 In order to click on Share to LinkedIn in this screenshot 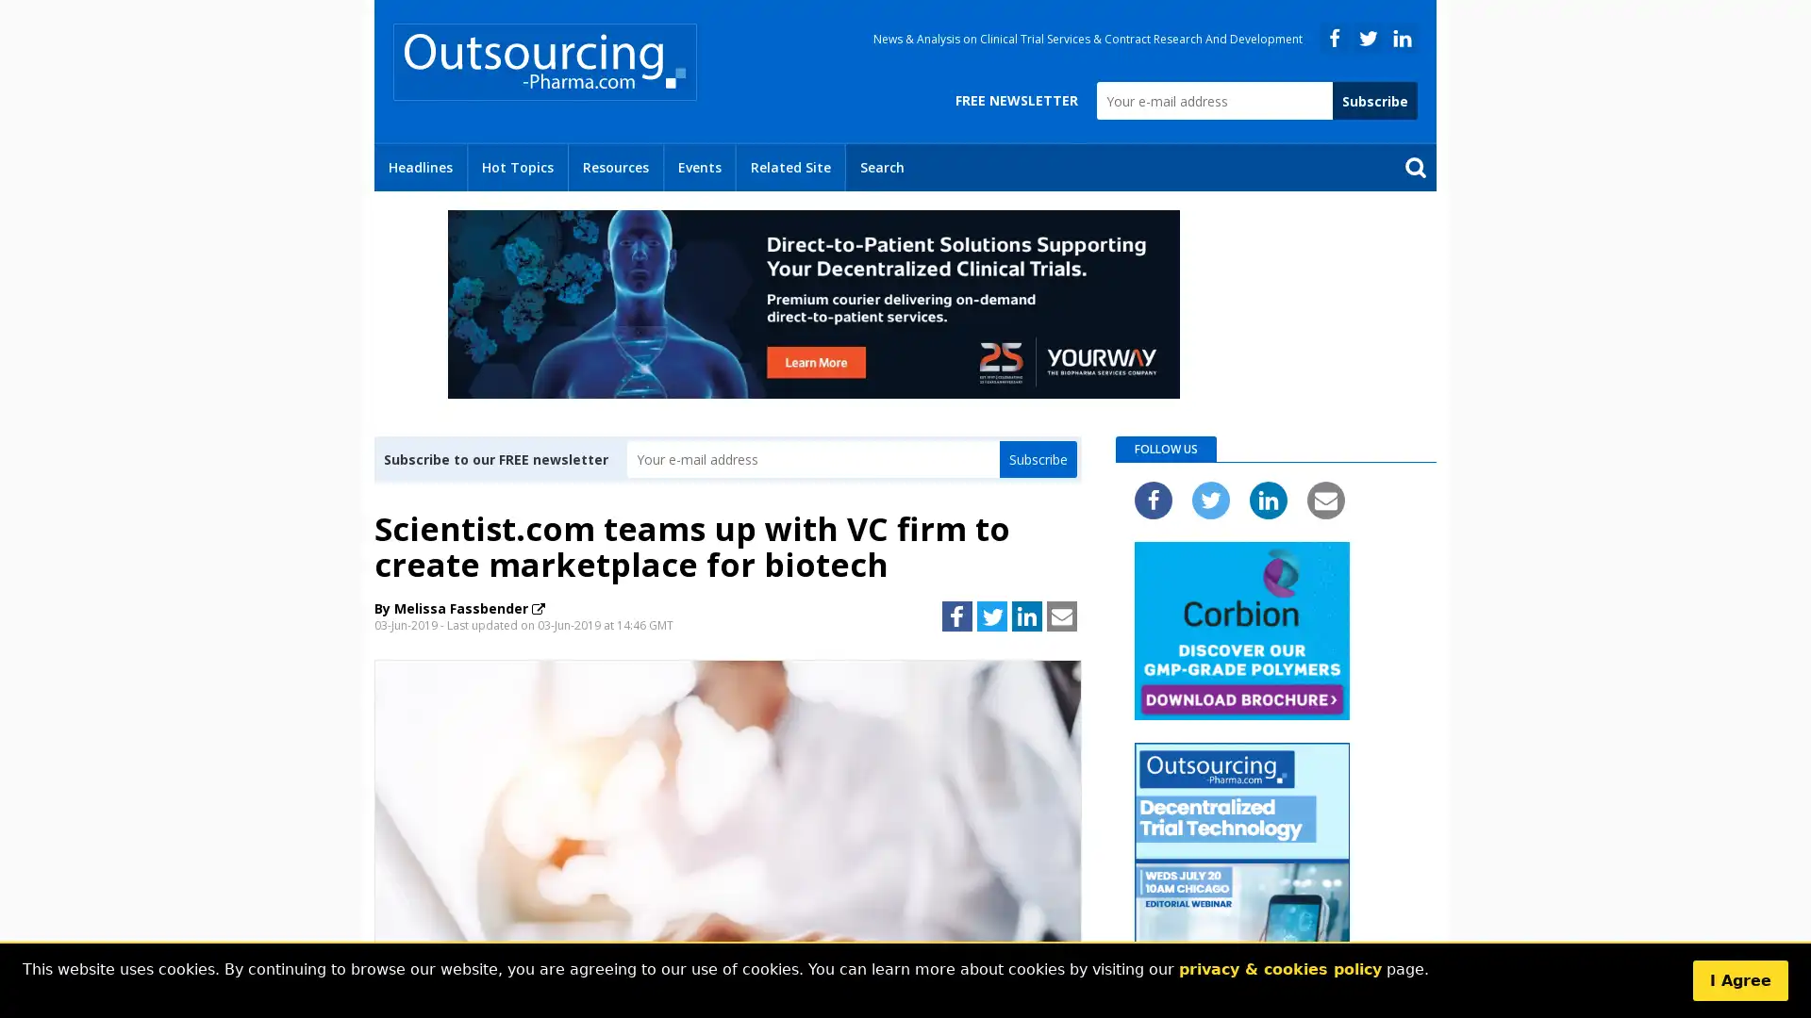, I will do `click(1026, 615)`.